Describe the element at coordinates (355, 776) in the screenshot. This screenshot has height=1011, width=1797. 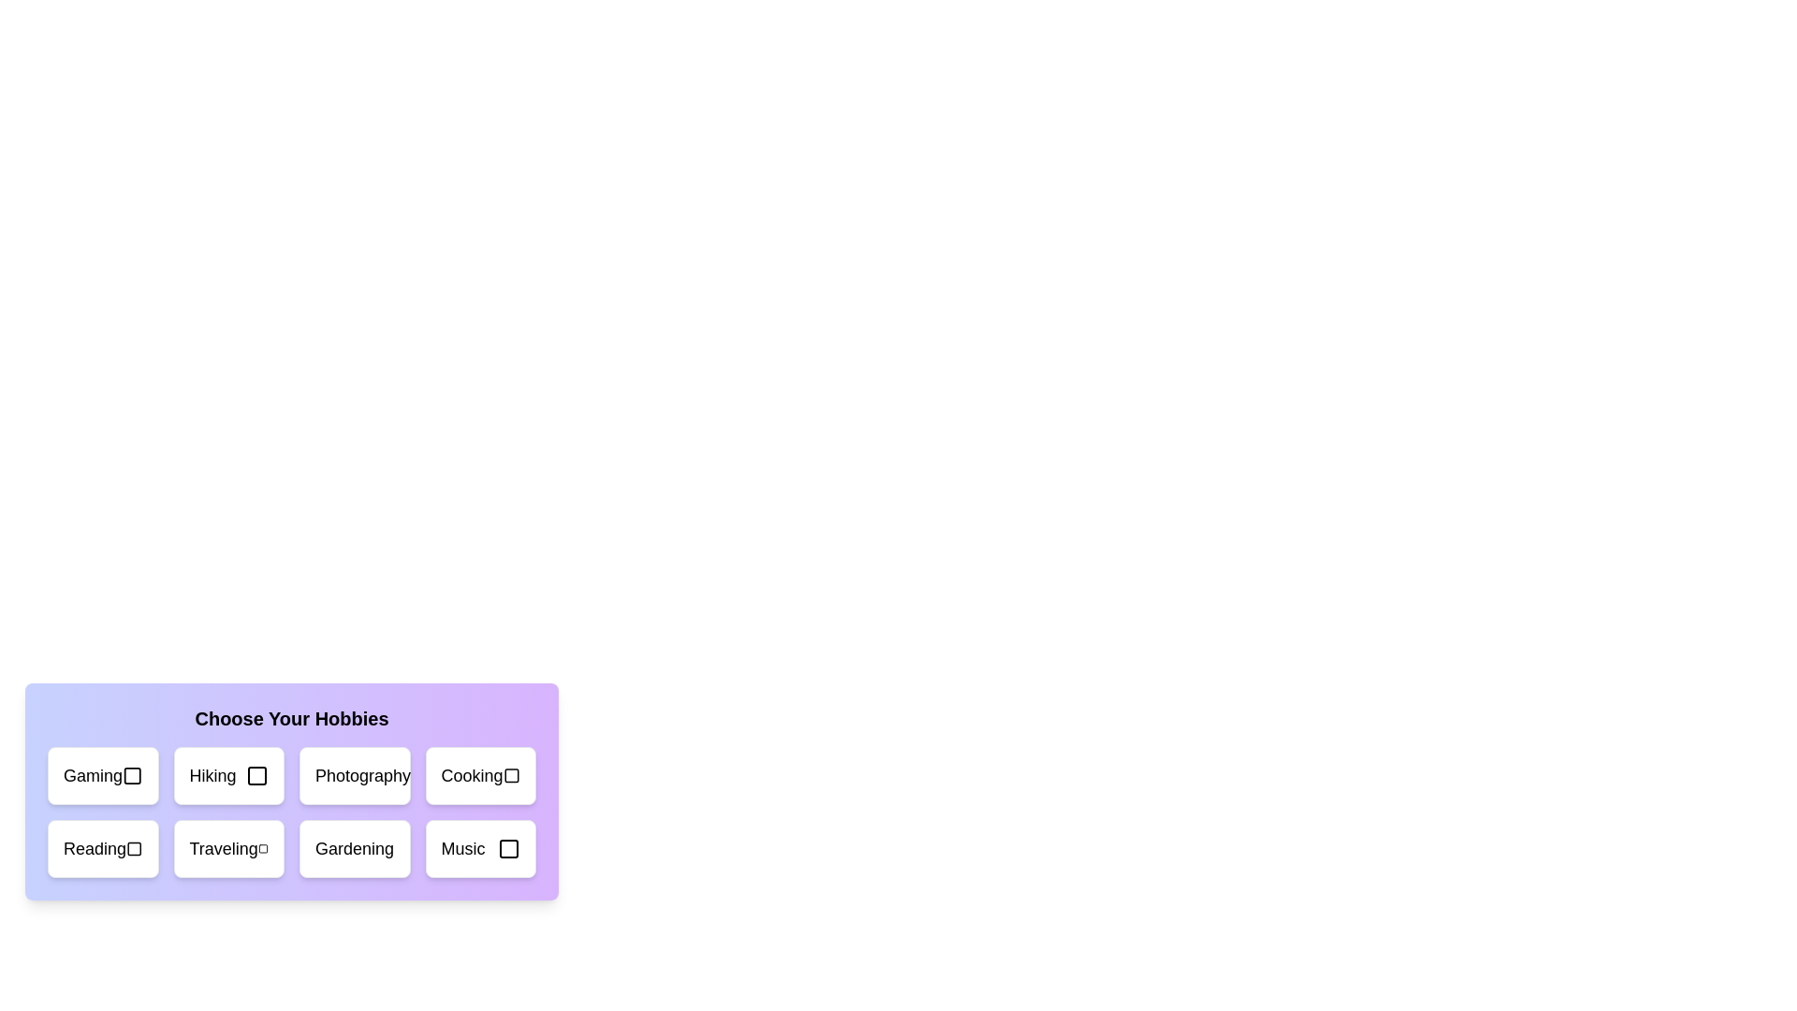
I see `the hobby card labeled Photography` at that location.